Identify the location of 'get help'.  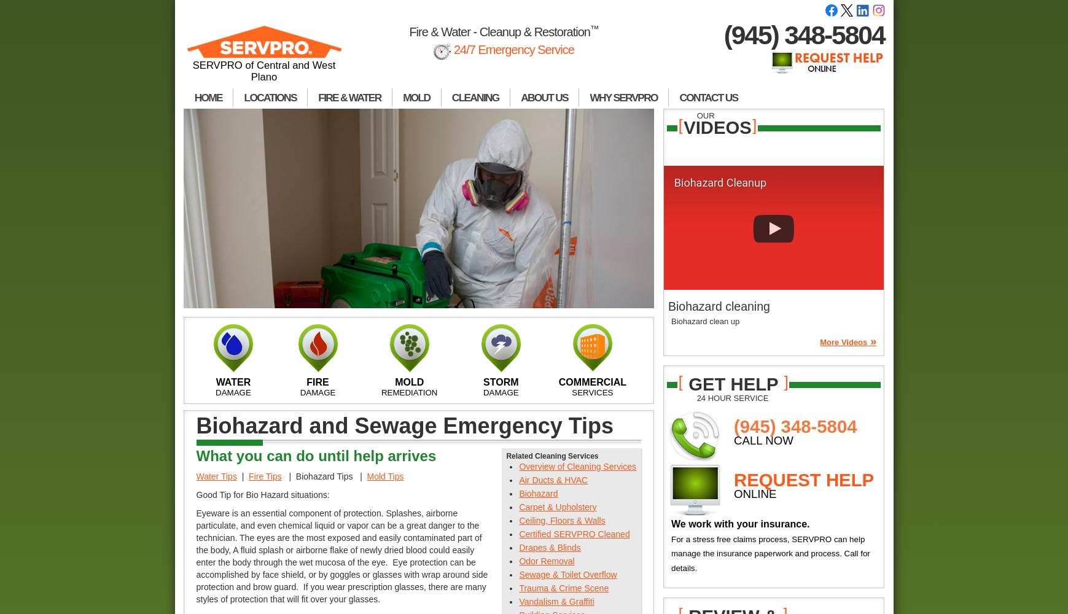
(732, 384).